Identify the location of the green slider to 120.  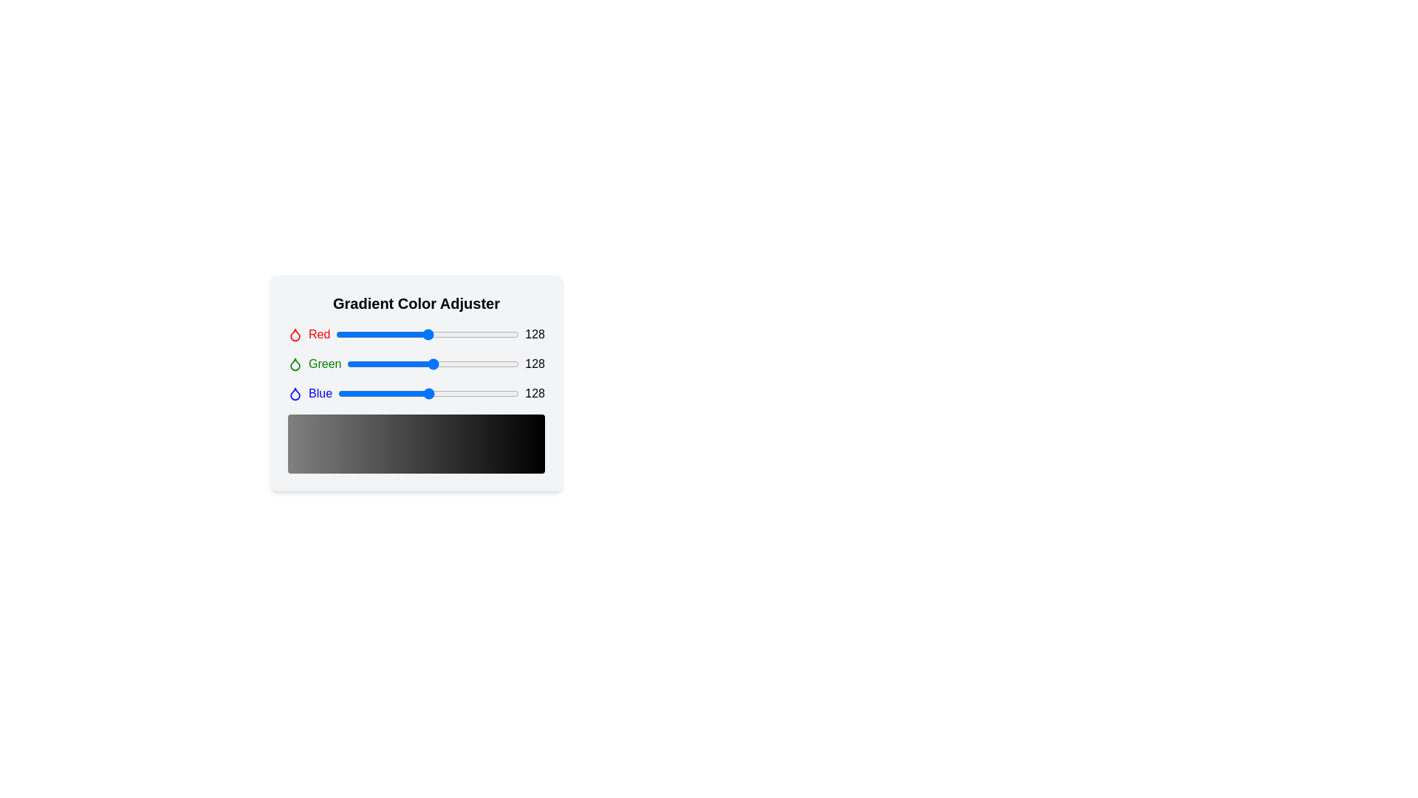
(428, 364).